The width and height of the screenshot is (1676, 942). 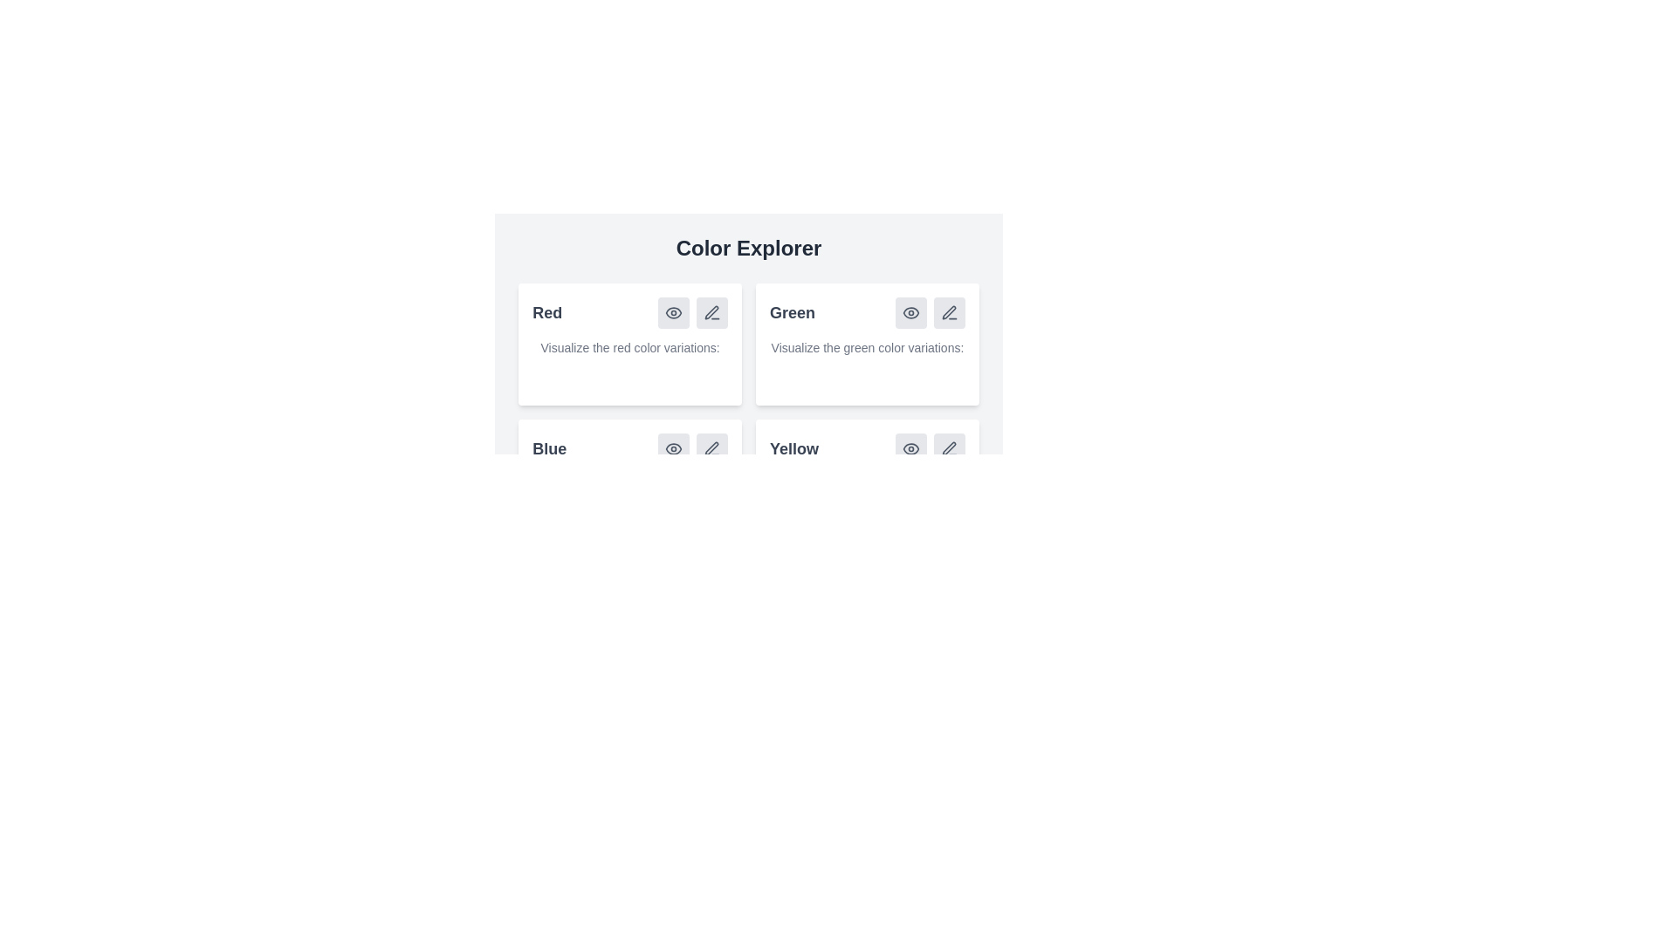 What do you see at coordinates (910, 311) in the screenshot?
I see `the eye-shaped icon located in the top-right corner of the 'Green' section in the 'Color Explorer' layout` at bounding box center [910, 311].